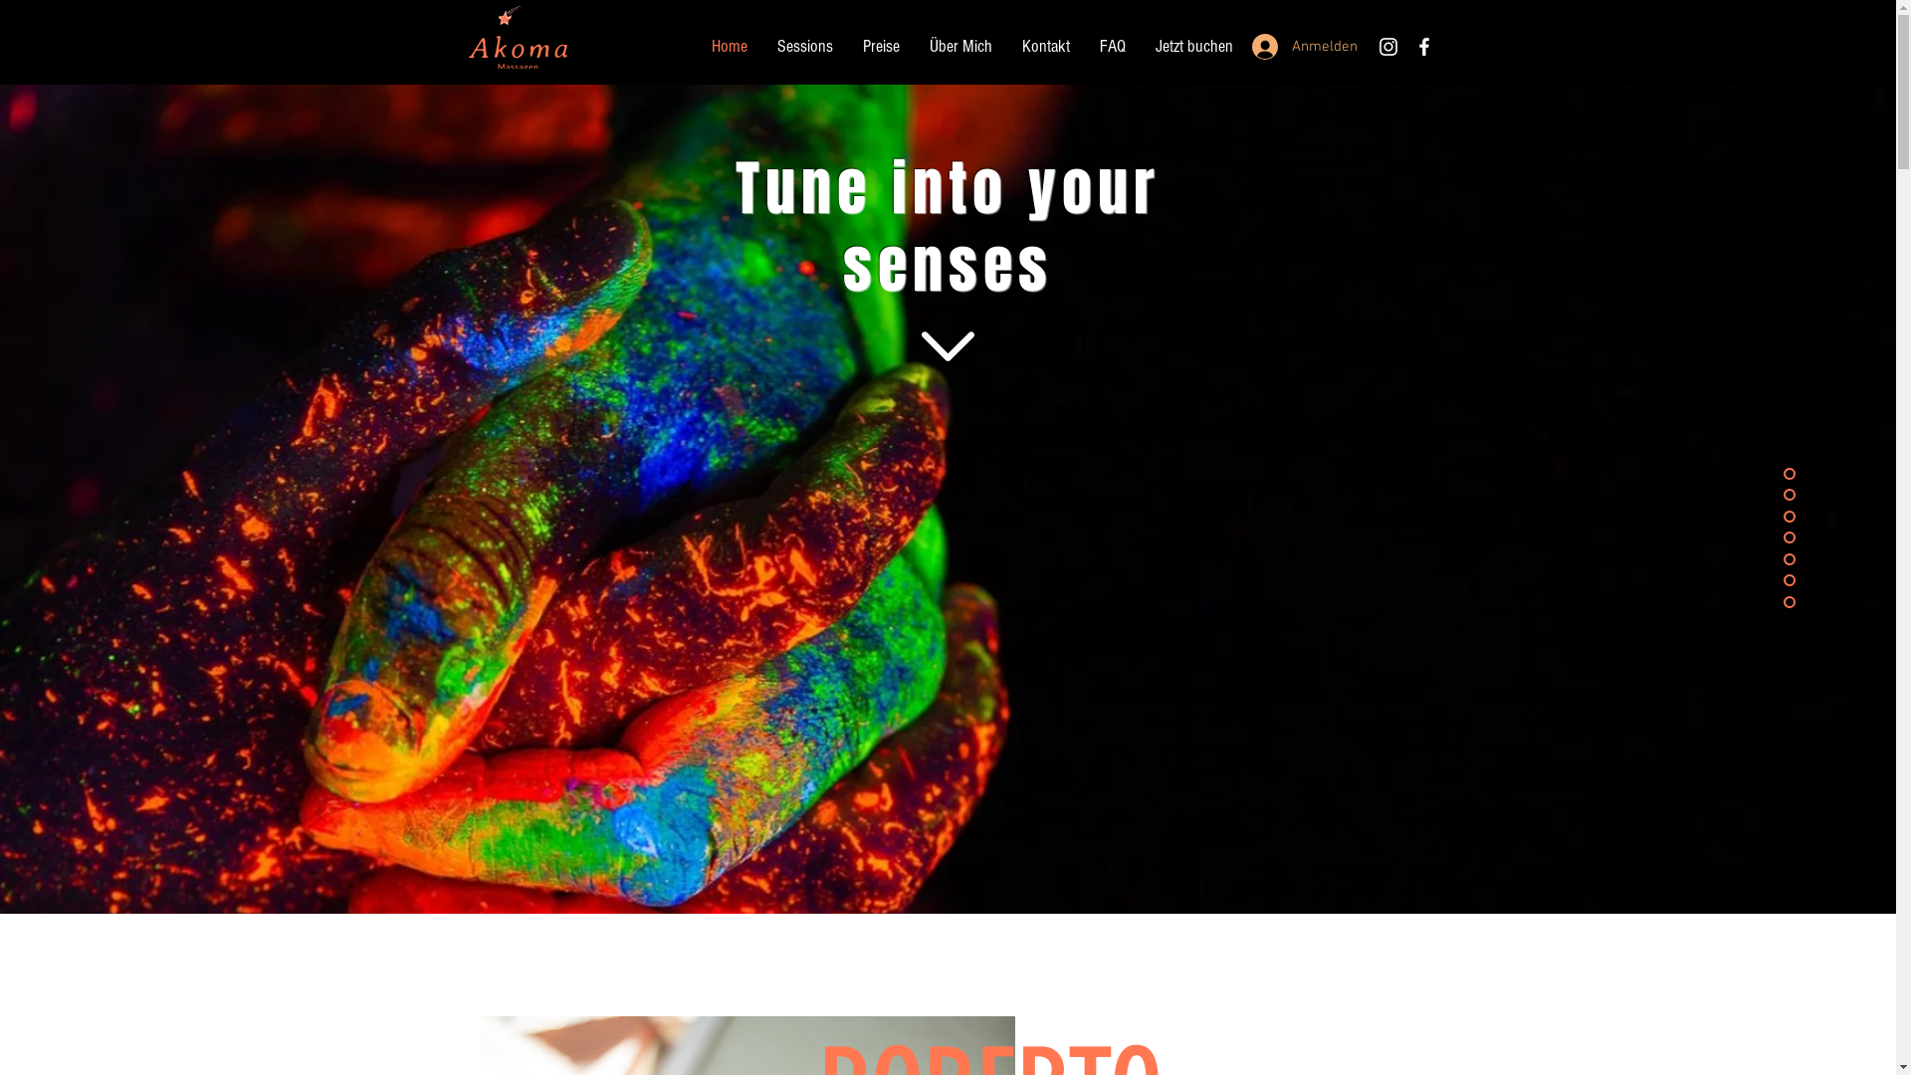  What do you see at coordinates (1083, 45) in the screenshot?
I see `'FAQ'` at bounding box center [1083, 45].